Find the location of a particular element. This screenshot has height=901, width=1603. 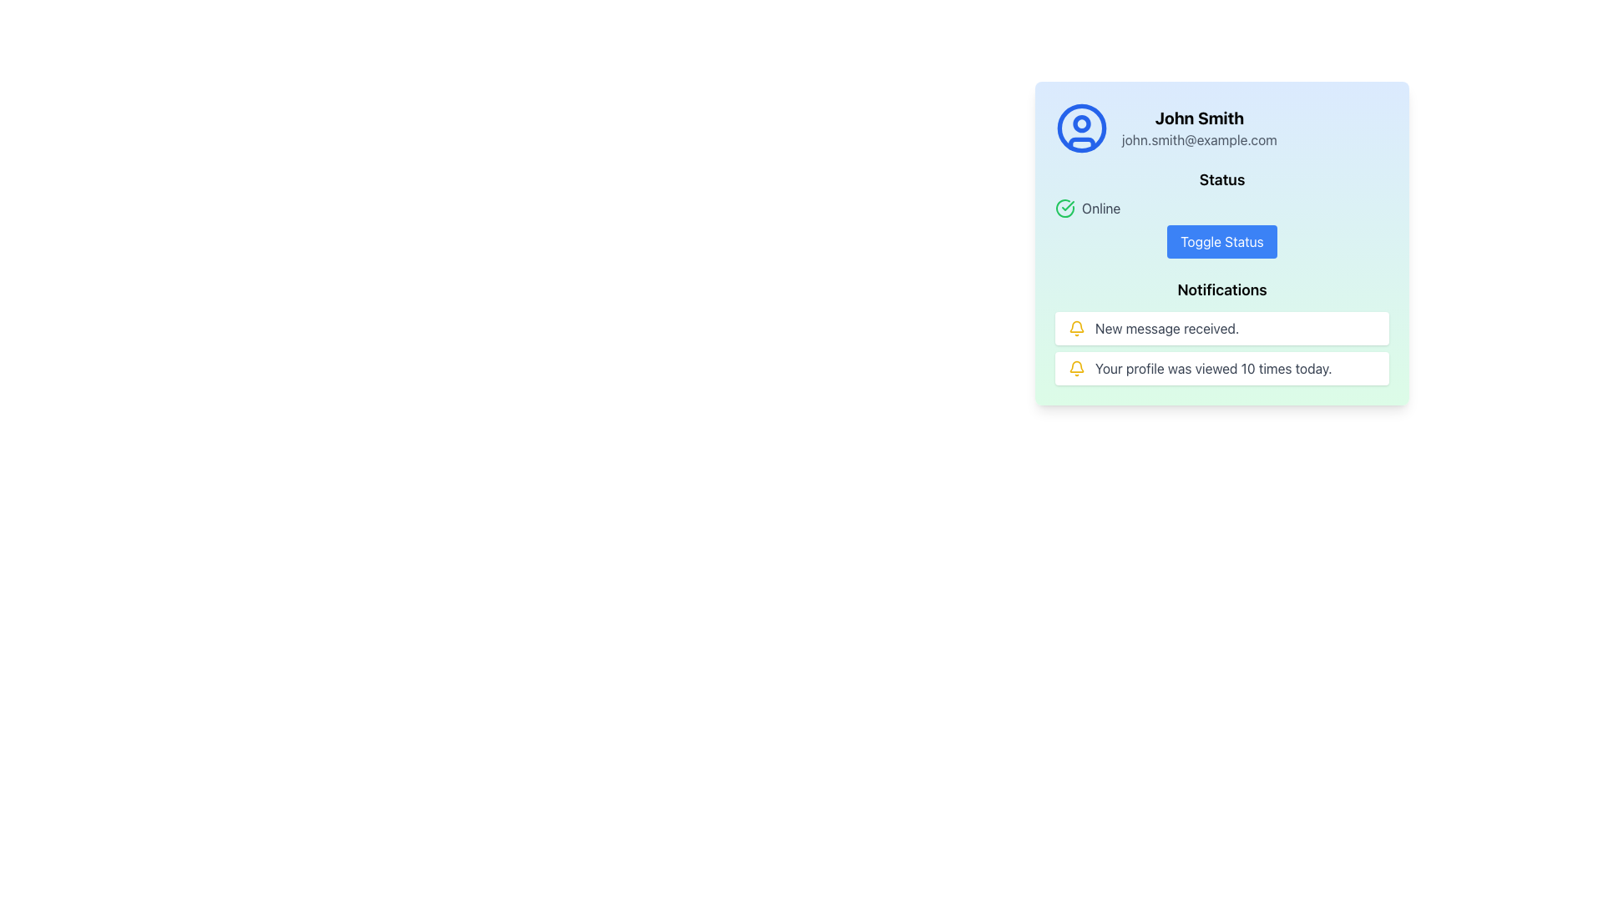

the green circular icon with a checkmark symbol that indicates user status, located to the left of the 'Online' text is located at coordinates (1064, 208).